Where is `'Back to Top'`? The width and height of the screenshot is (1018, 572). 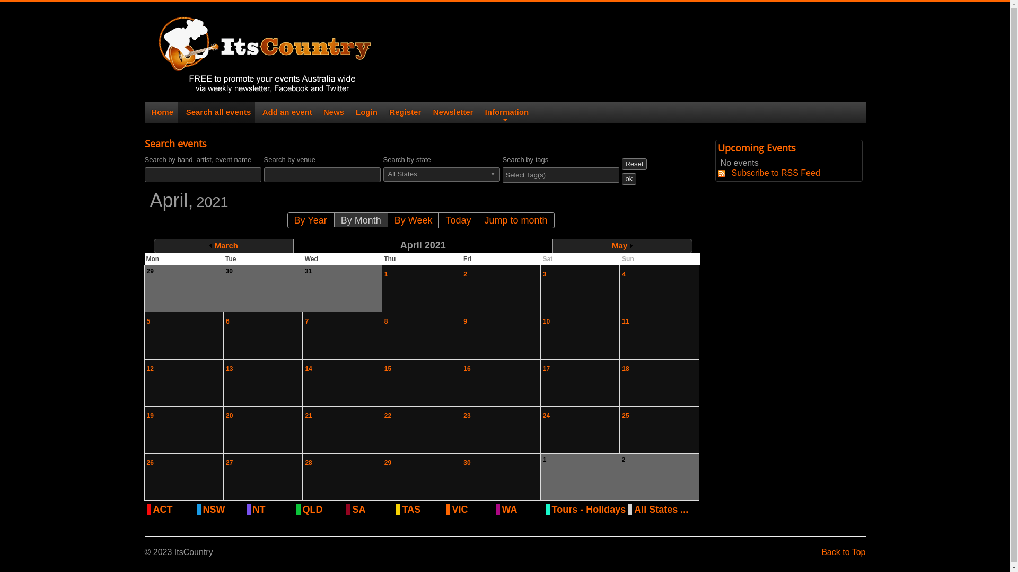
'Back to Top' is located at coordinates (843, 551).